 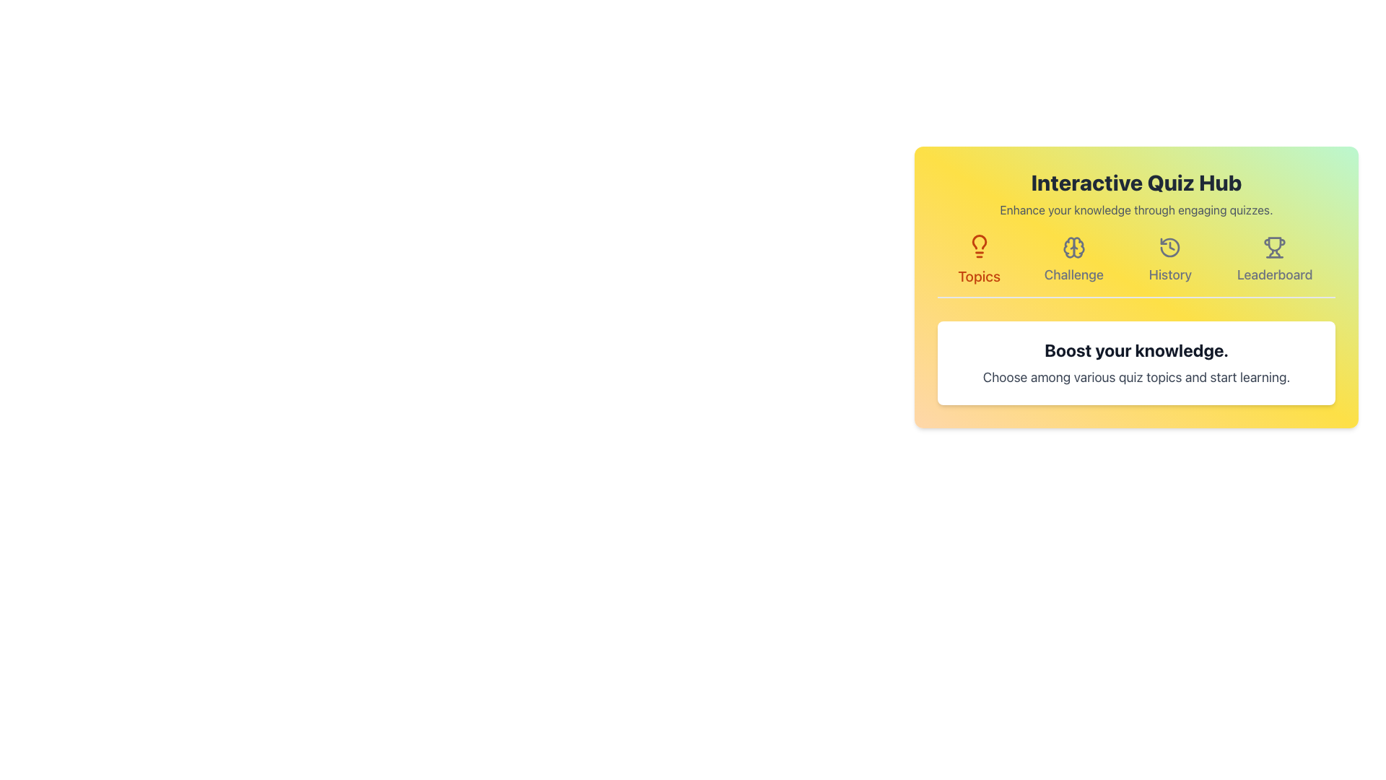 What do you see at coordinates (1073, 275) in the screenshot?
I see `the 'Challenge' label, which is a medium-sized, bold text displayed in gray, located beneath a brain icon in the 'Interactive Quiz Hub' card` at bounding box center [1073, 275].